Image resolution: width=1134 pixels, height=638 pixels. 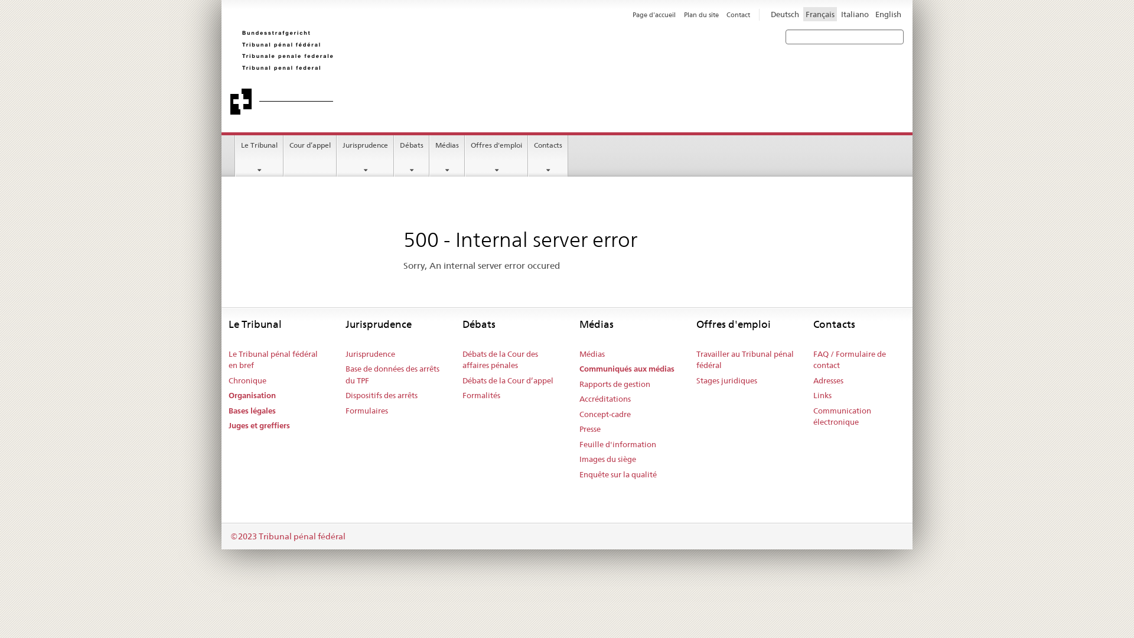 I want to click on 'Links', so click(x=813, y=396).